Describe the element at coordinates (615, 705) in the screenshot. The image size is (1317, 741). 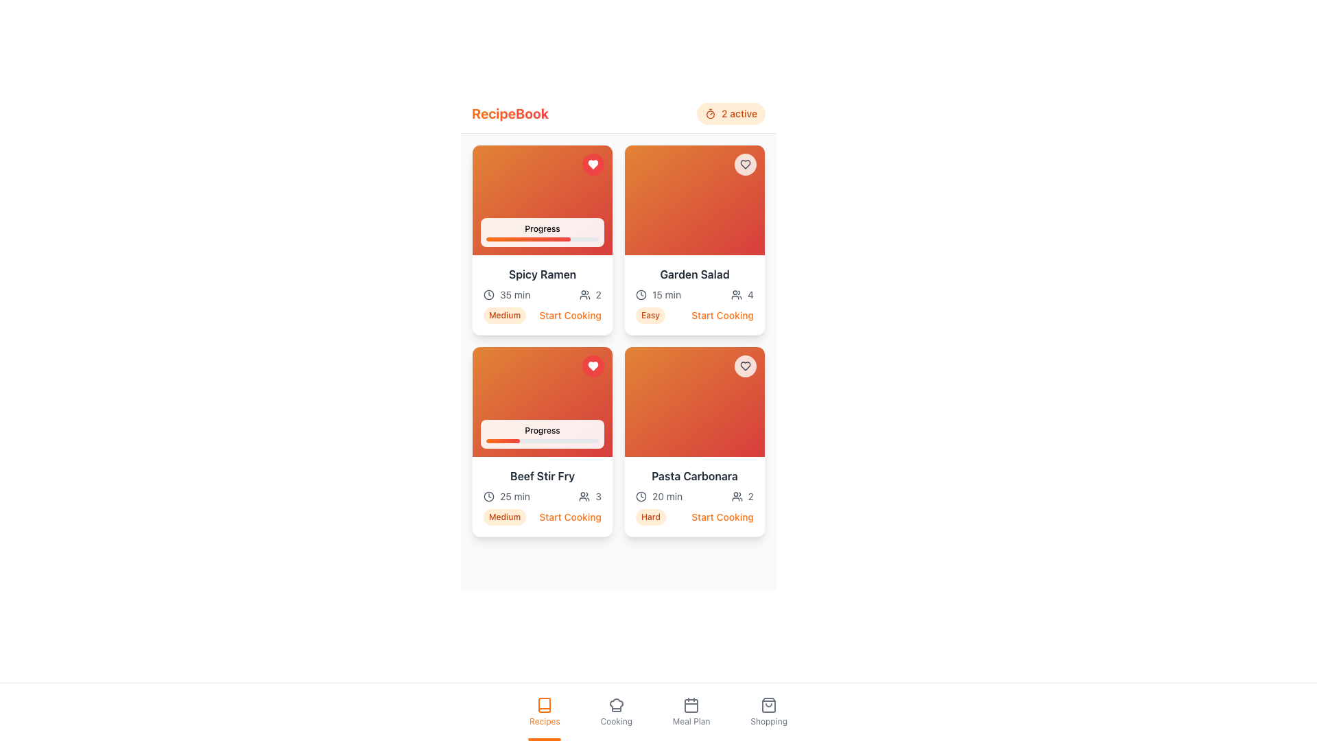
I see `the cooking icon button located in the bottom navigation bar, which is the second icon from the left` at that location.